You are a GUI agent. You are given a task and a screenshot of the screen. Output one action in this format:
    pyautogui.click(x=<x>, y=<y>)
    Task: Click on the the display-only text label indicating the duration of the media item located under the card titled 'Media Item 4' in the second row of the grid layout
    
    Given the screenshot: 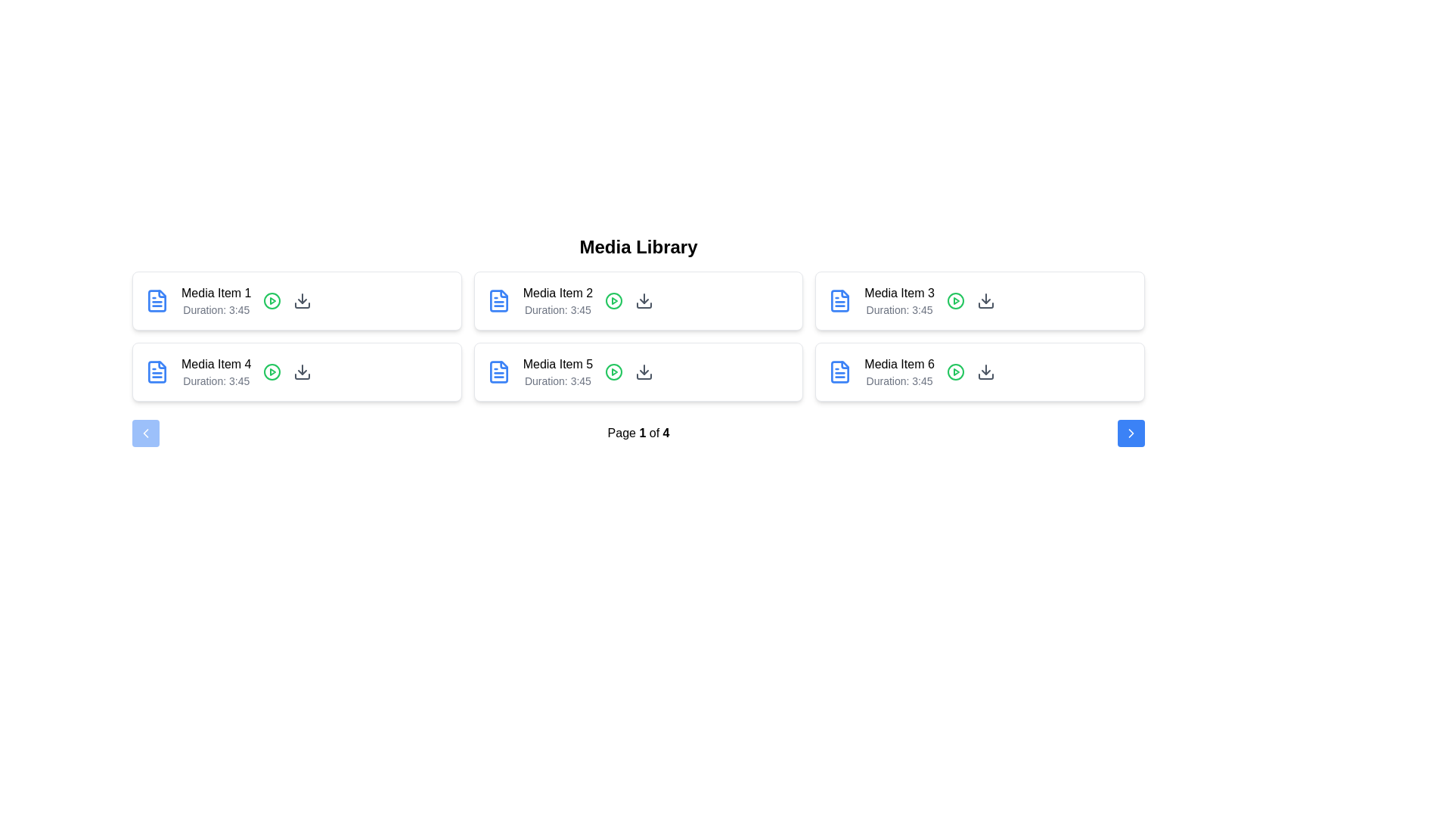 What is the action you would take?
    pyautogui.click(x=216, y=381)
    